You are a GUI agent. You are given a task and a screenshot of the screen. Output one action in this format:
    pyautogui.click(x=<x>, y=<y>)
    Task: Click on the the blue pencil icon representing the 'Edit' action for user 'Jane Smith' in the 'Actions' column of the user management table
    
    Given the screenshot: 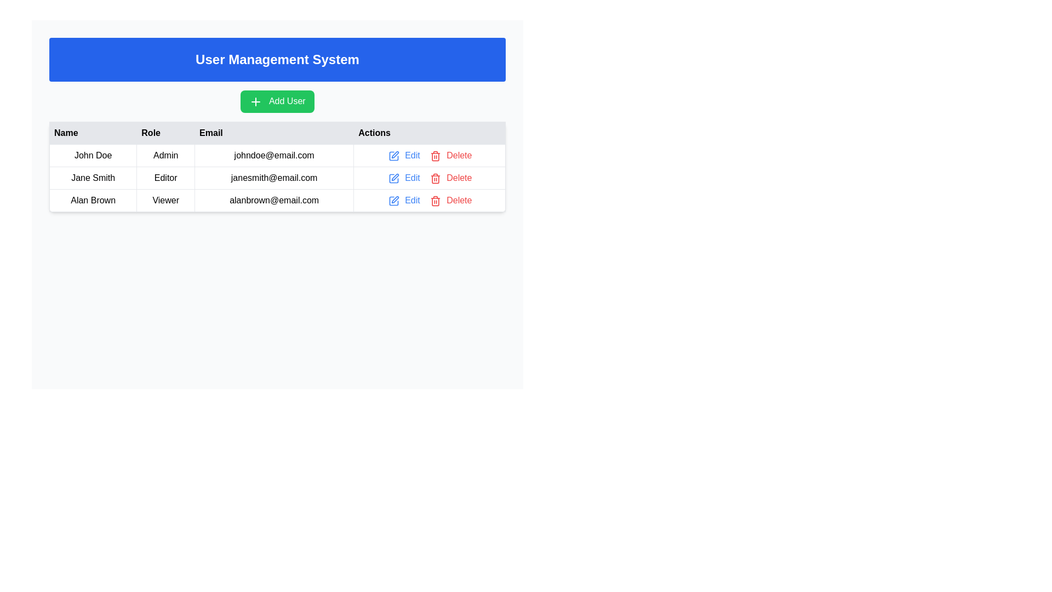 What is the action you would take?
    pyautogui.click(x=393, y=178)
    